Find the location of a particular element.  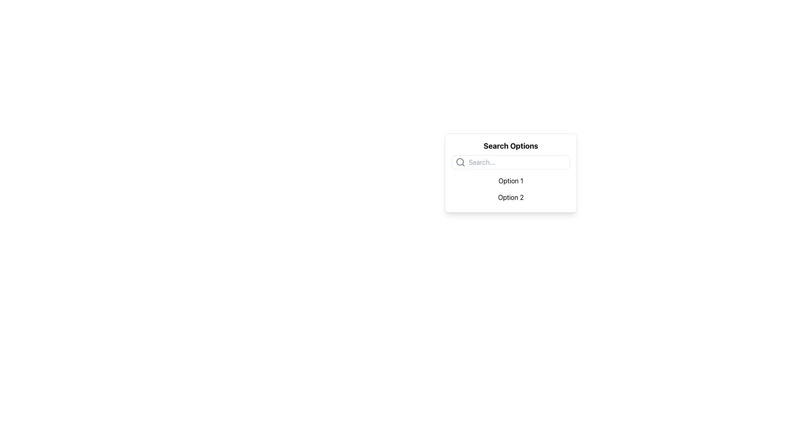

the SVG Circle element that represents the main body of the magnifying glass, located near the top-left corner of the 'Search' input field is located at coordinates (459, 162).